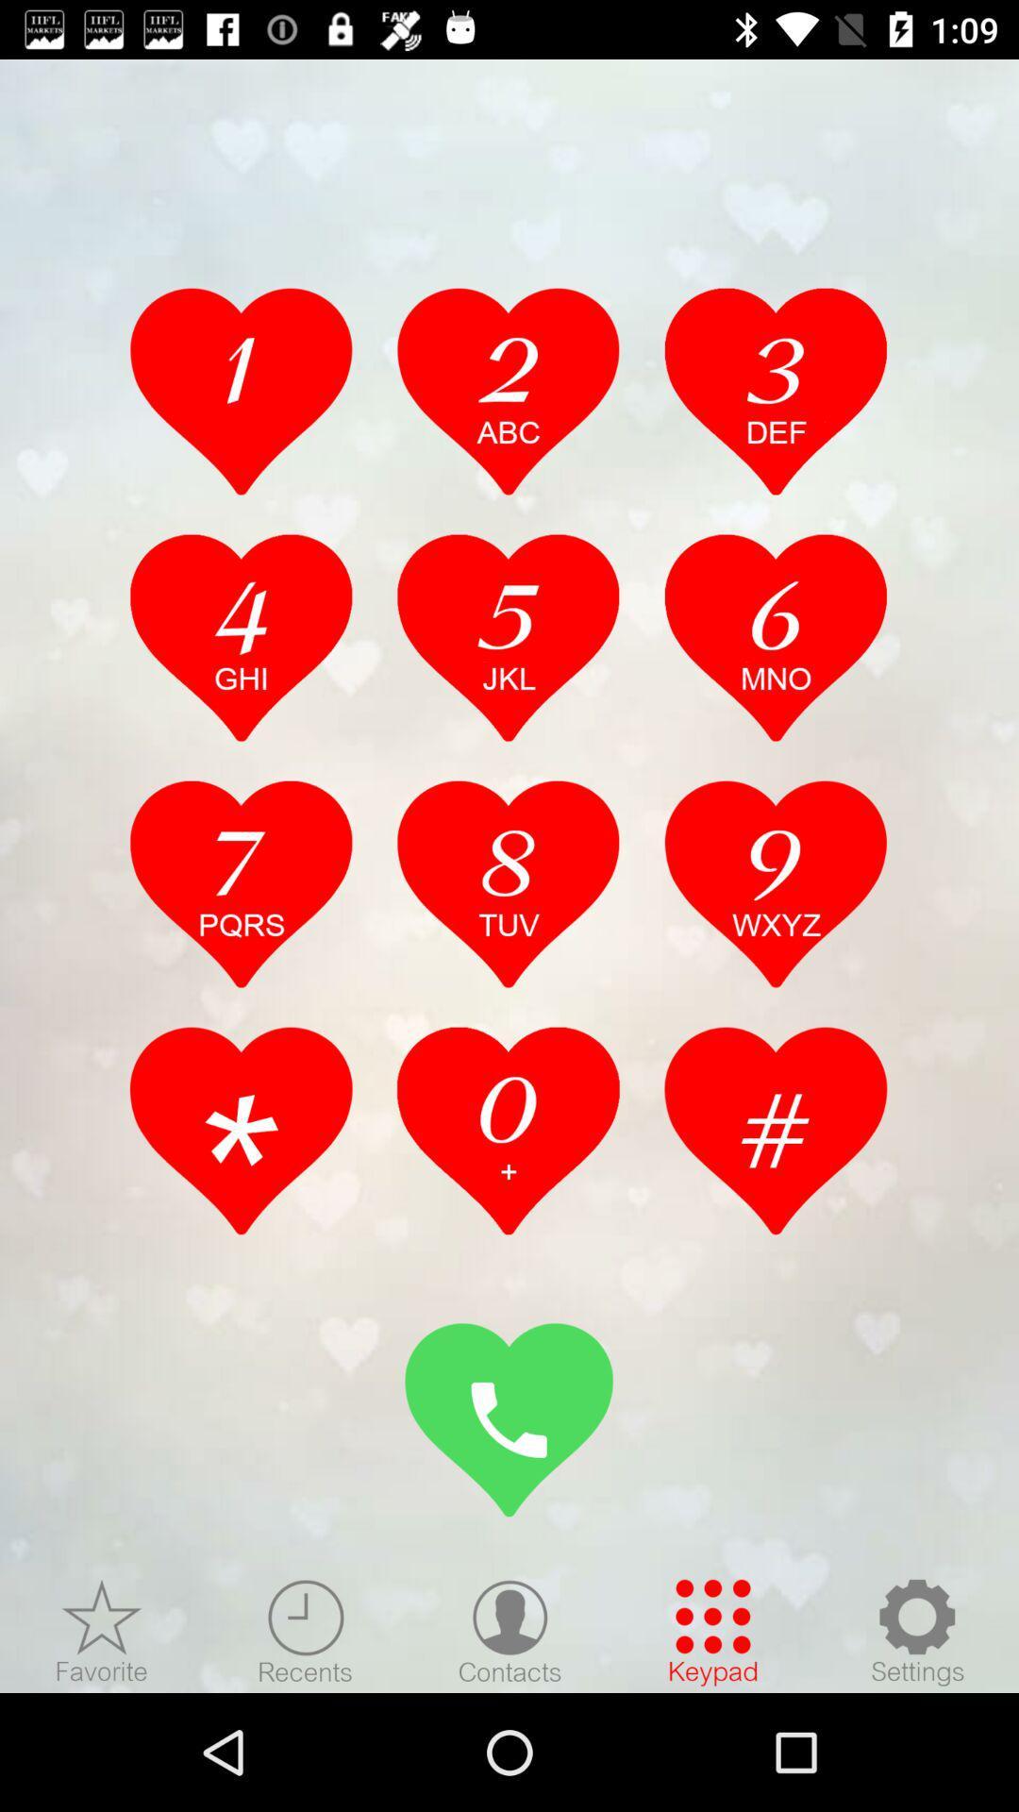 Image resolution: width=1019 pixels, height=1812 pixels. What do you see at coordinates (102, 1631) in the screenshot?
I see `the star icon` at bounding box center [102, 1631].